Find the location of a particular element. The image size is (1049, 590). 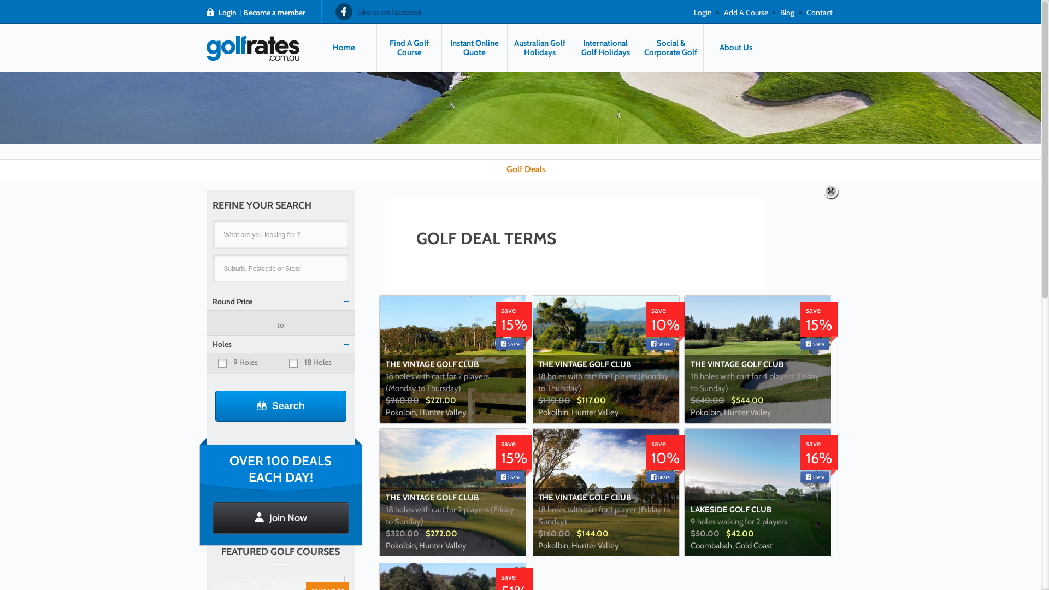

'Search' is located at coordinates (215, 406).